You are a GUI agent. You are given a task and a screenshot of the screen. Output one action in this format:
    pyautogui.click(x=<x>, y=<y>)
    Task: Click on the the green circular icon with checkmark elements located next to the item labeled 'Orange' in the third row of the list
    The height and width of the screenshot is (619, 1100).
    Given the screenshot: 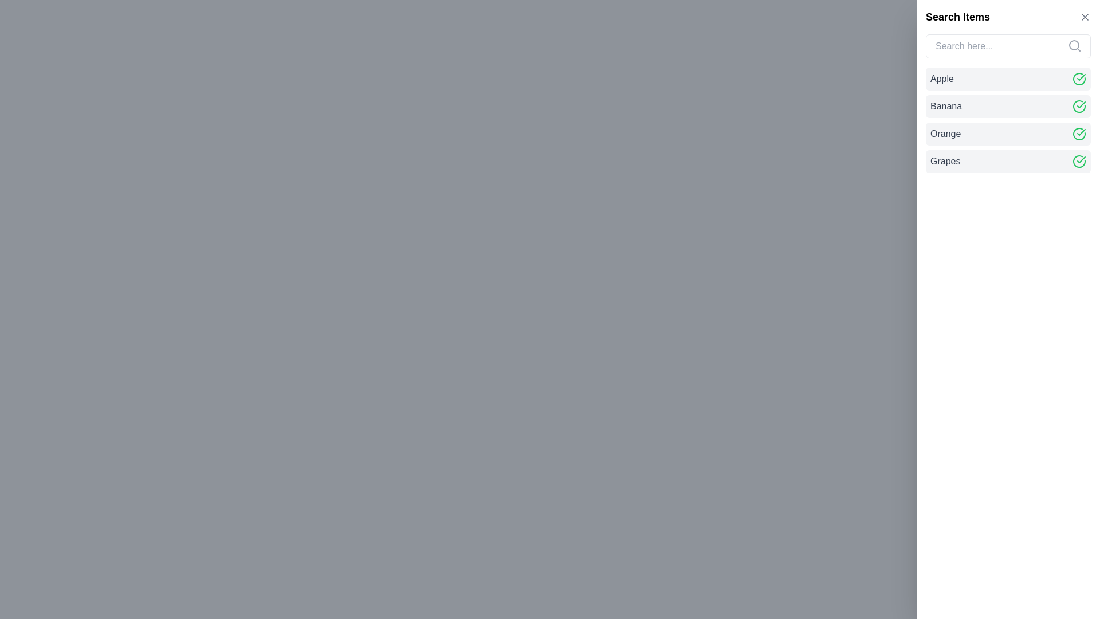 What is the action you would take?
    pyautogui.click(x=1078, y=134)
    